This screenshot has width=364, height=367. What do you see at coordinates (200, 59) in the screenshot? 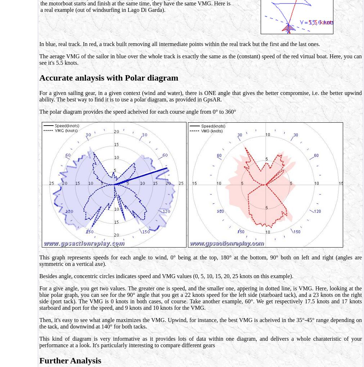
I see `'The aerage VMG of the sailor in blue over the whole track is exactly the same as the (constant) speed of the red virtual boat. Here, you can see it's 5.5 knots.'` at bounding box center [200, 59].